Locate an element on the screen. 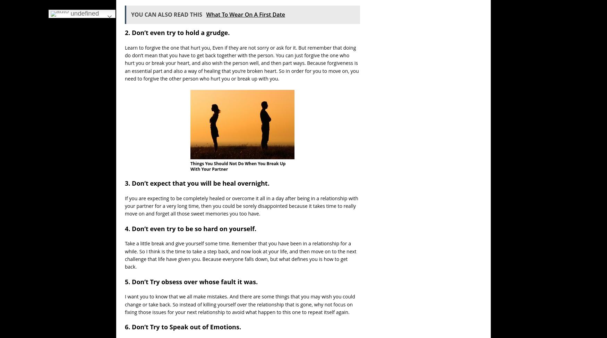 The height and width of the screenshot is (338, 607). 'If you are expecting to be completely healed or overcome it all in a day after being in a relationship with your partner for a very long time, then you could be sorely disappointed because it takes time to really move on and forget all those sweet memories you too have.' is located at coordinates (241, 205).